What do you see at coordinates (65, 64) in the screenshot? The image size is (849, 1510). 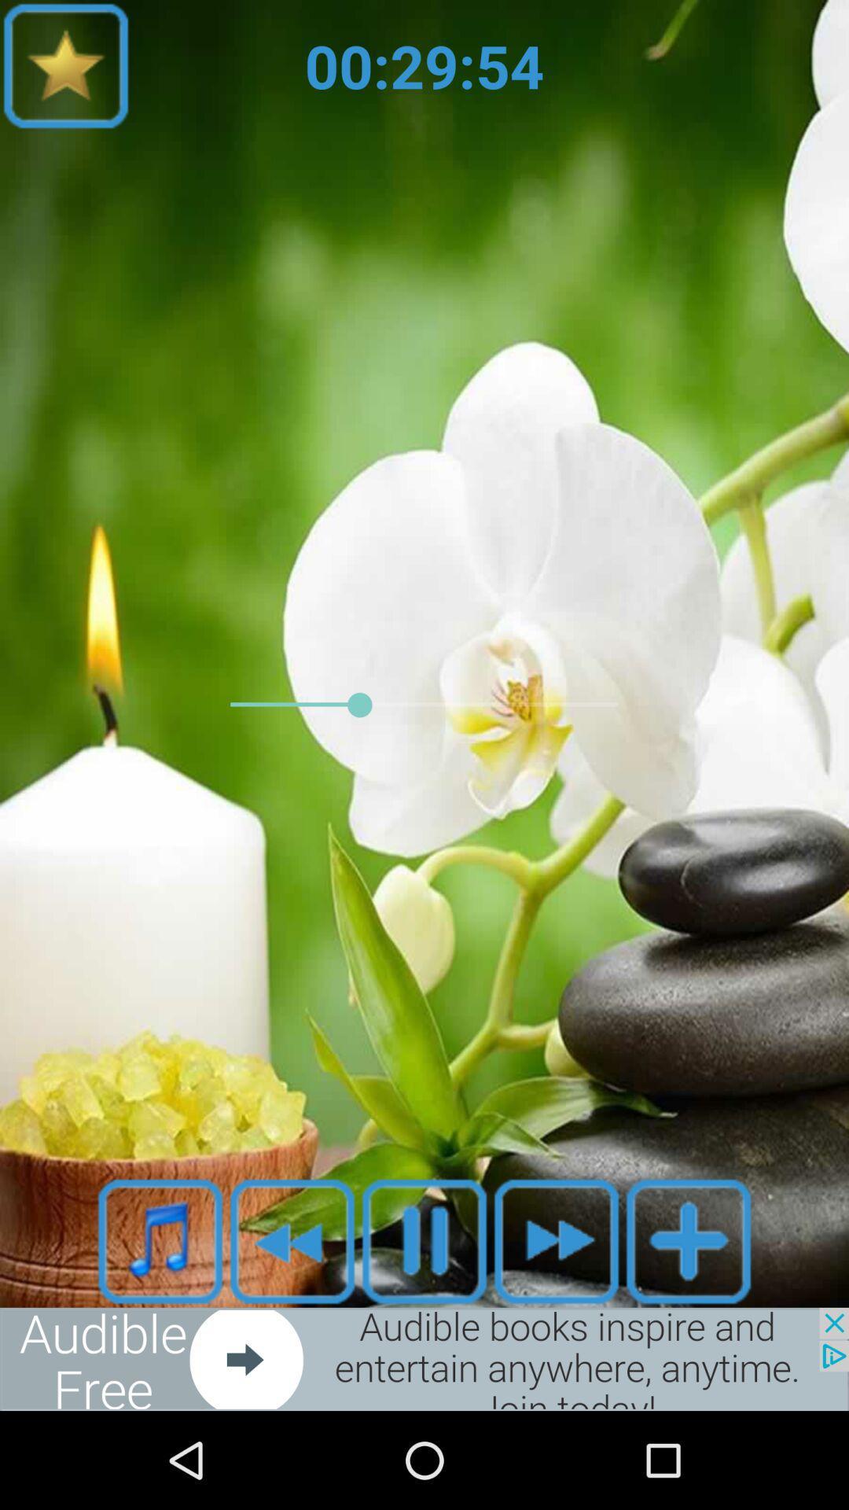 I see `flag it` at bounding box center [65, 64].